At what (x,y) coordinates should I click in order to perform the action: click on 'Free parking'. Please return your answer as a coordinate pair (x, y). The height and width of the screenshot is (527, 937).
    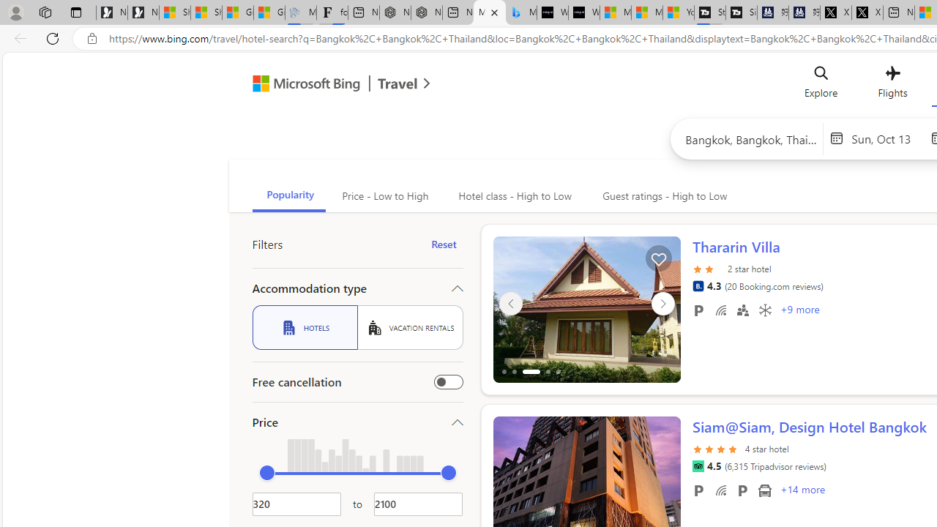
    Looking at the image, I should click on (698, 490).